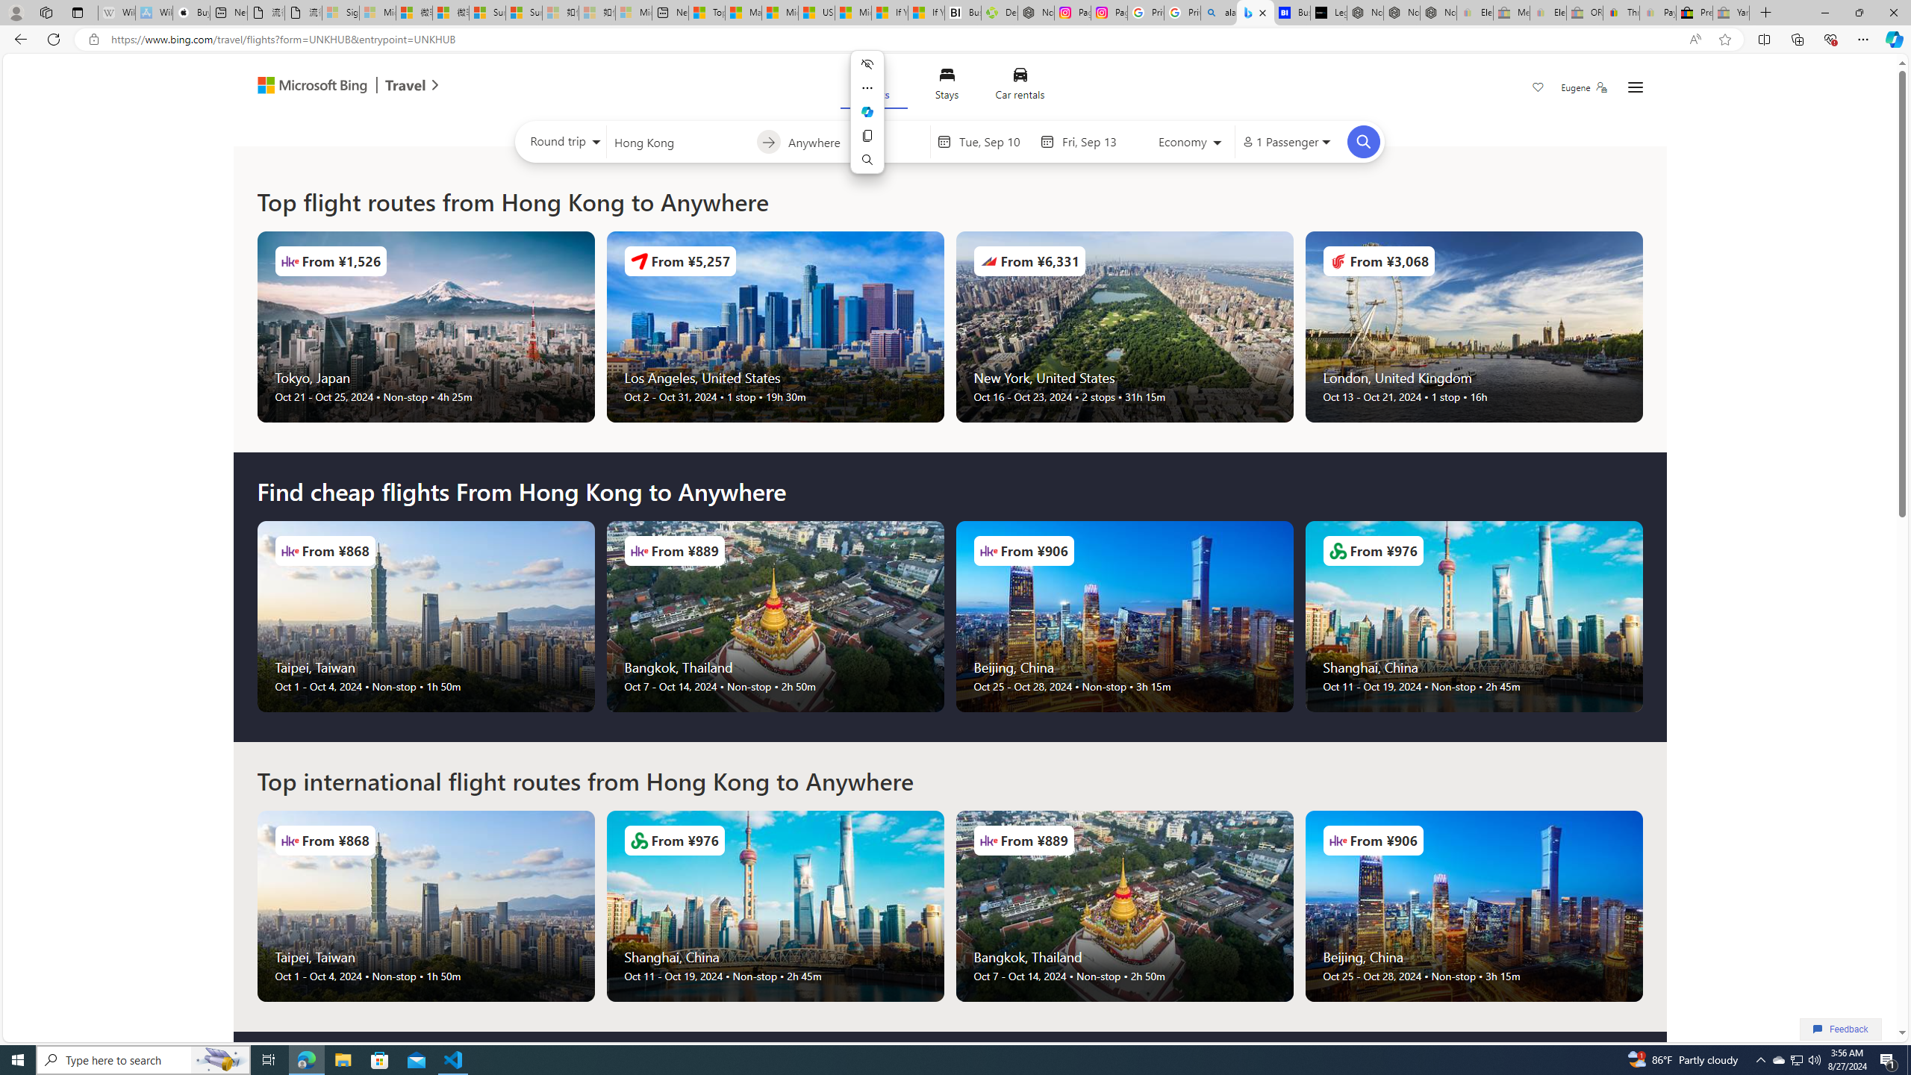 The image size is (1911, 1075). I want to click on 'Start Date', so click(994, 141).